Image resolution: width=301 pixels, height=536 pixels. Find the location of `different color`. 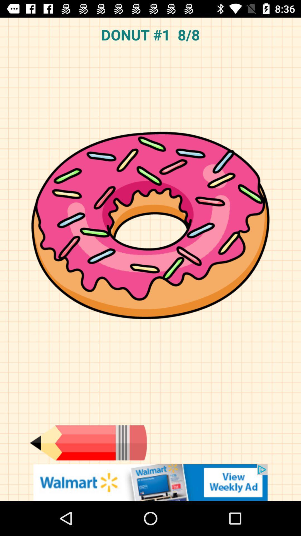

different color is located at coordinates (88, 442).